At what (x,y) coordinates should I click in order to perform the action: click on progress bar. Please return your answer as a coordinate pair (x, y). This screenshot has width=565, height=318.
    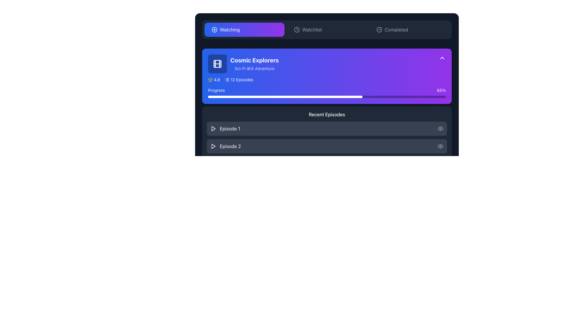
    Looking at the image, I should click on (396, 96).